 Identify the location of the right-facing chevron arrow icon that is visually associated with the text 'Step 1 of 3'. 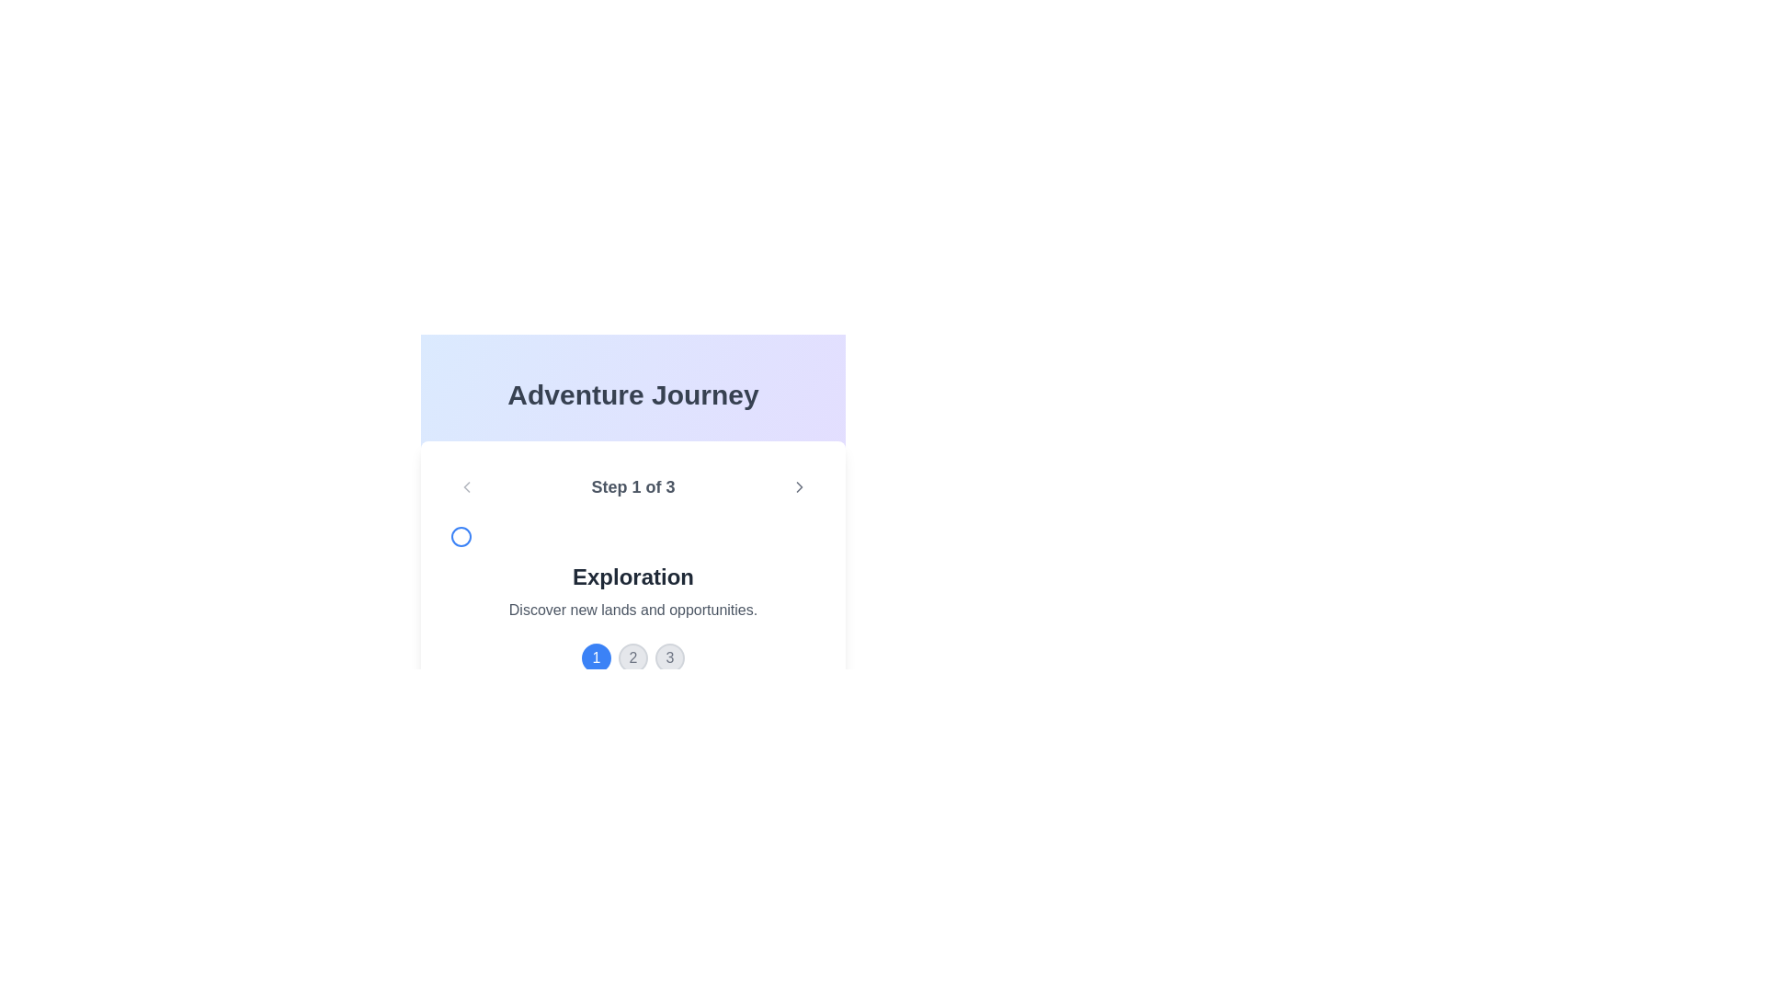
(799, 485).